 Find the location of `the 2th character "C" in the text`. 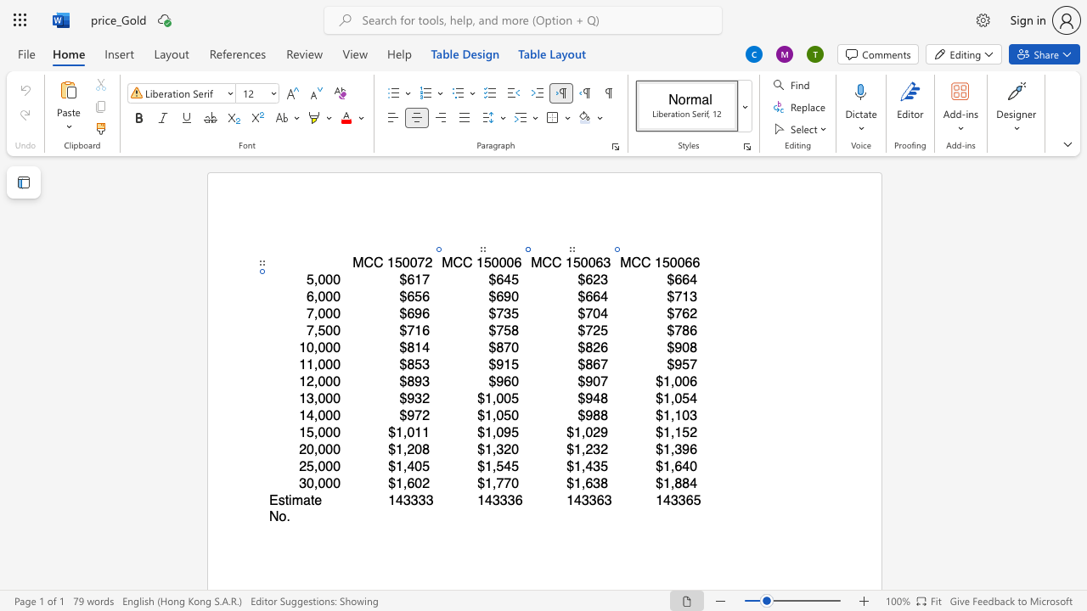

the 2th character "C" in the text is located at coordinates (645, 262).